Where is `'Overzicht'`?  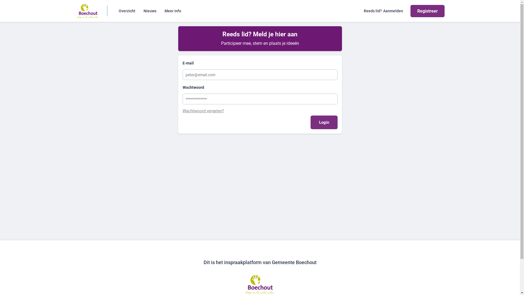 'Overzicht' is located at coordinates (127, 11).